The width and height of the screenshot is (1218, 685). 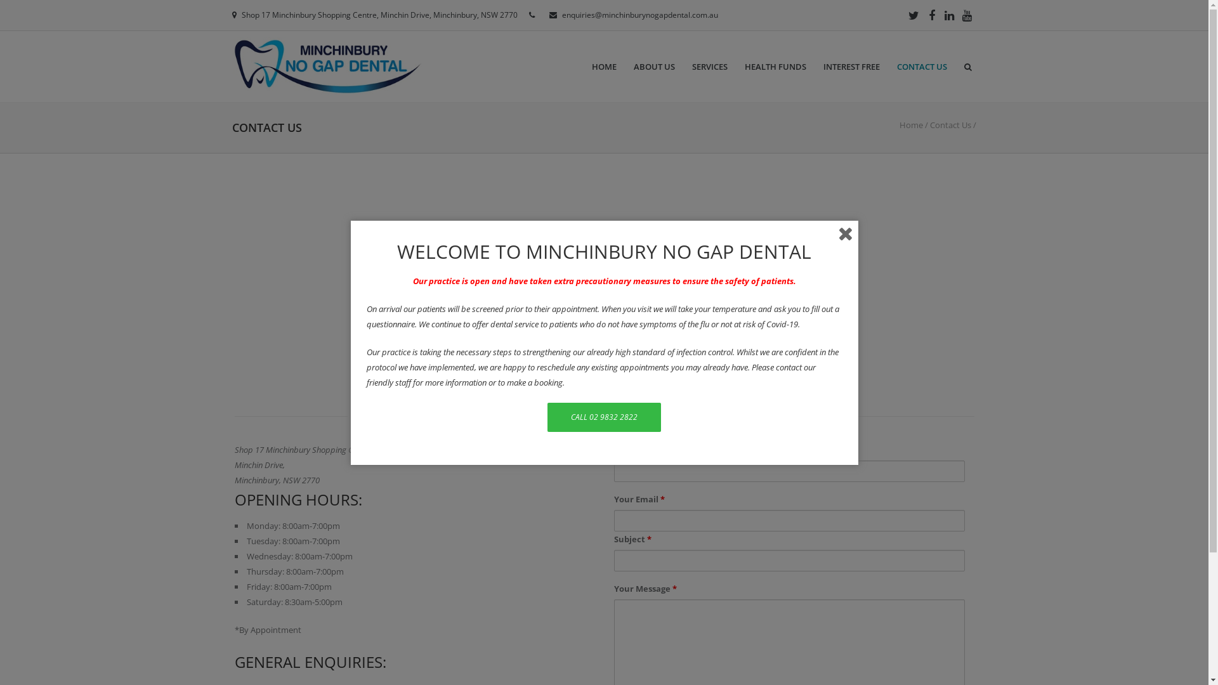 I want to click on 'LinkedIn', so click(x=950, y=15).